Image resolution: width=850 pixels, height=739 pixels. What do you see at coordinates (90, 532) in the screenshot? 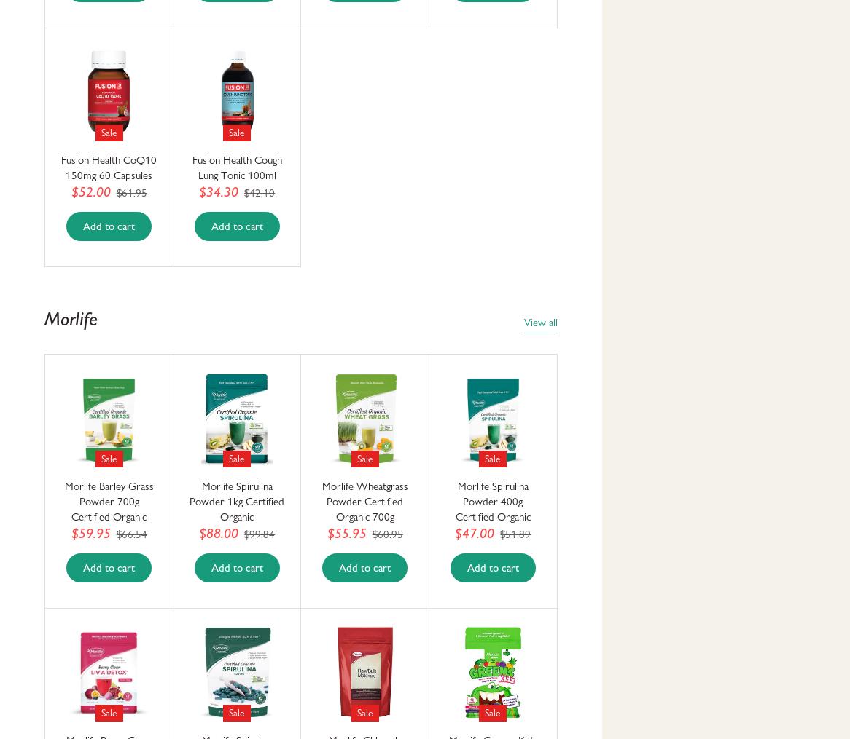
I see `'$59.95'` at bounding box center [90, 532].